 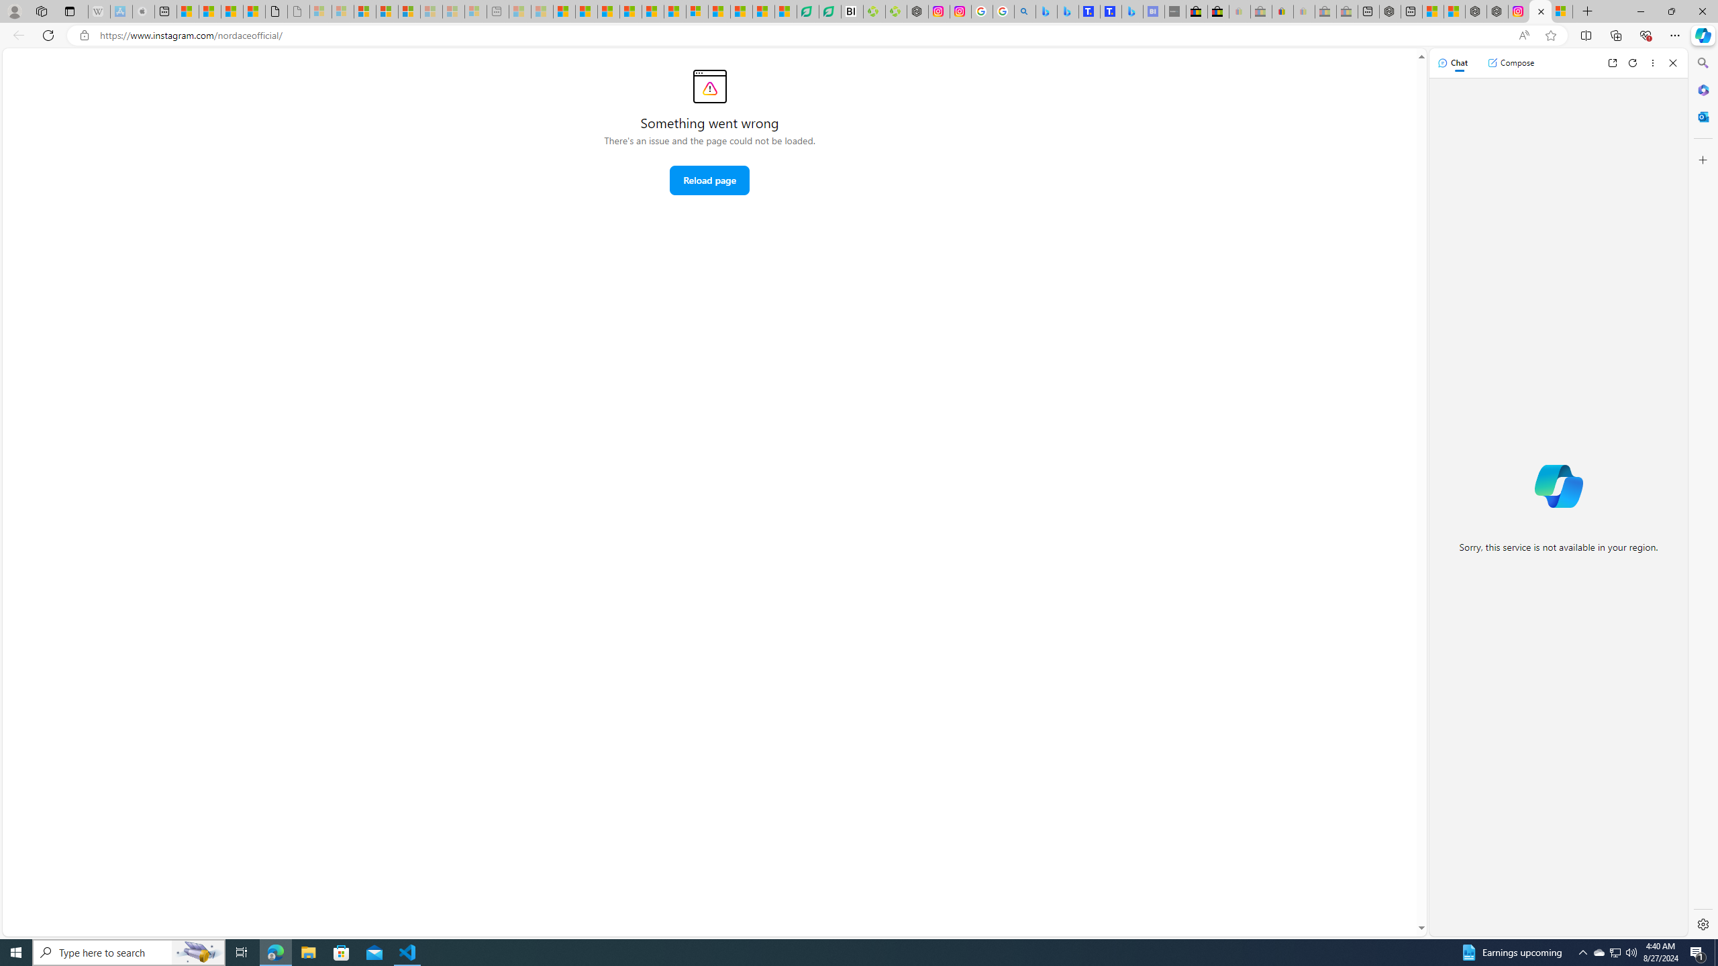 What do you see at coordinates (982, 11) in the screenshot?
I see `'Safety in Our Products - Google Safety Center'` at bounding box center [982, 11].